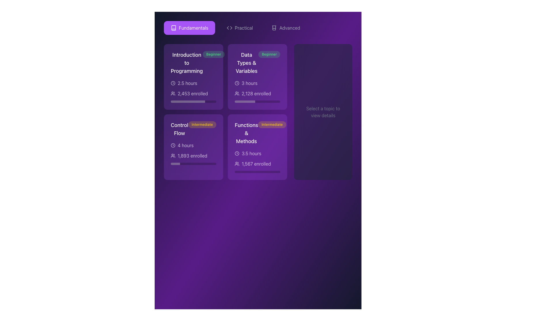 This screenshot has height=311, width=553. What do you see at coordinates (244, 28) in the screenshot?
I see `the text label or navigation link that contains the text 'Practical', which is part of the navigation bar located near the top center of the interface` at bounding box center [244, 28].